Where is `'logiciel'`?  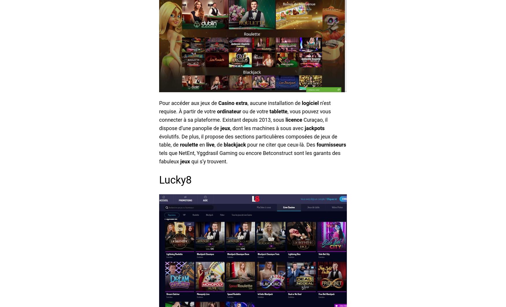 'logiciel' is located at coordinates (310, 103).